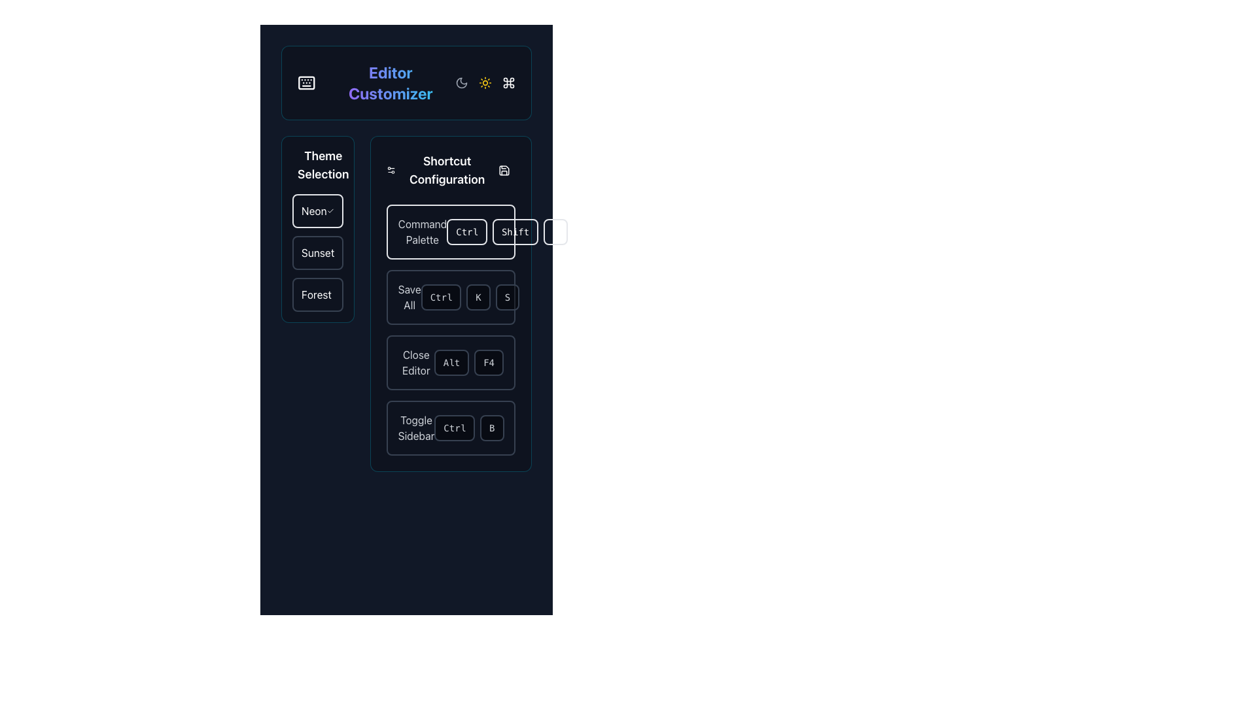 The height and width of the screenshot is (706, 1256). Describe the element at coordinates (451, 231) in the screenshot. I see `the role of the 'Ctrl' button-like label` at that location.